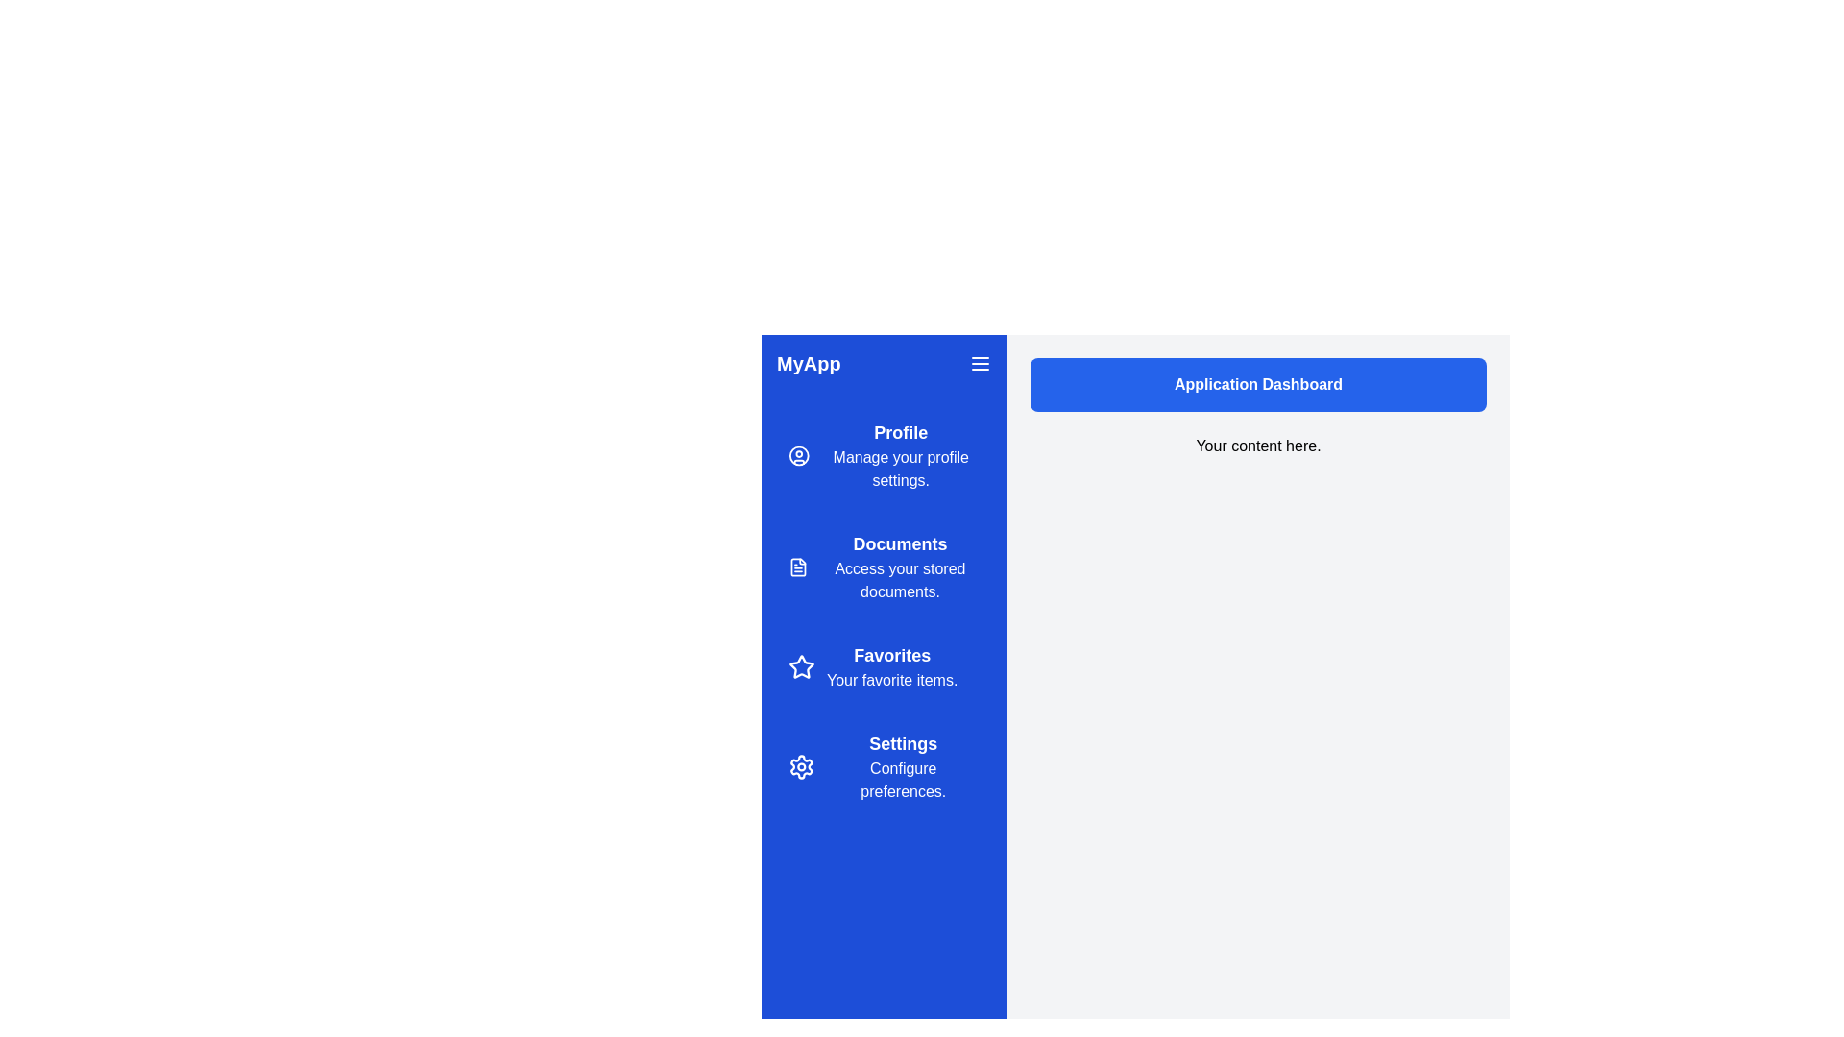 The image size is (1844, 1037). Describe the element at coordinates (884, 455) in the screenshot. I see `the navigation item Profile from the drawer` at that location.